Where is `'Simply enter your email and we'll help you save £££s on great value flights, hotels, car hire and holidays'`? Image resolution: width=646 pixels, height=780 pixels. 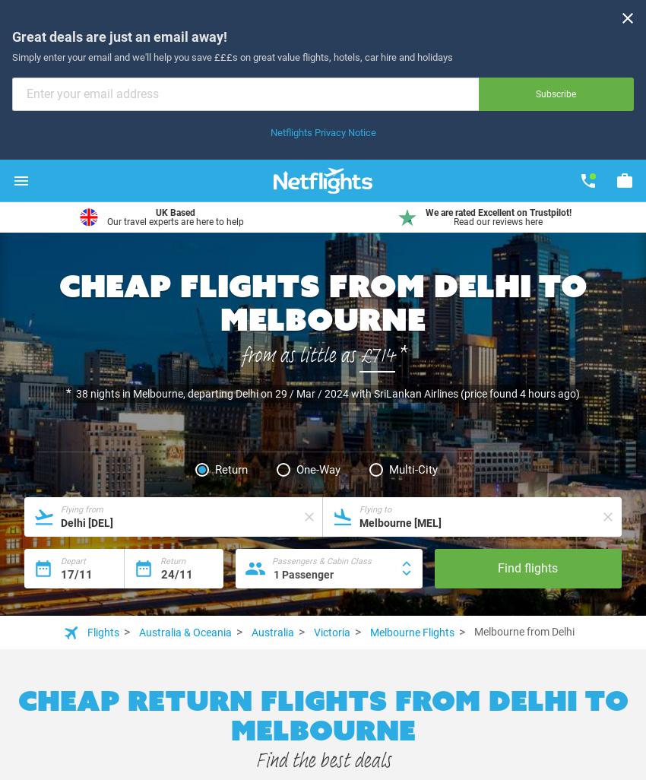 'Simply enter your email and we'll help you save £££s on great value flights, hotels, car hire and holidays' is located at coordinates (233, 56).